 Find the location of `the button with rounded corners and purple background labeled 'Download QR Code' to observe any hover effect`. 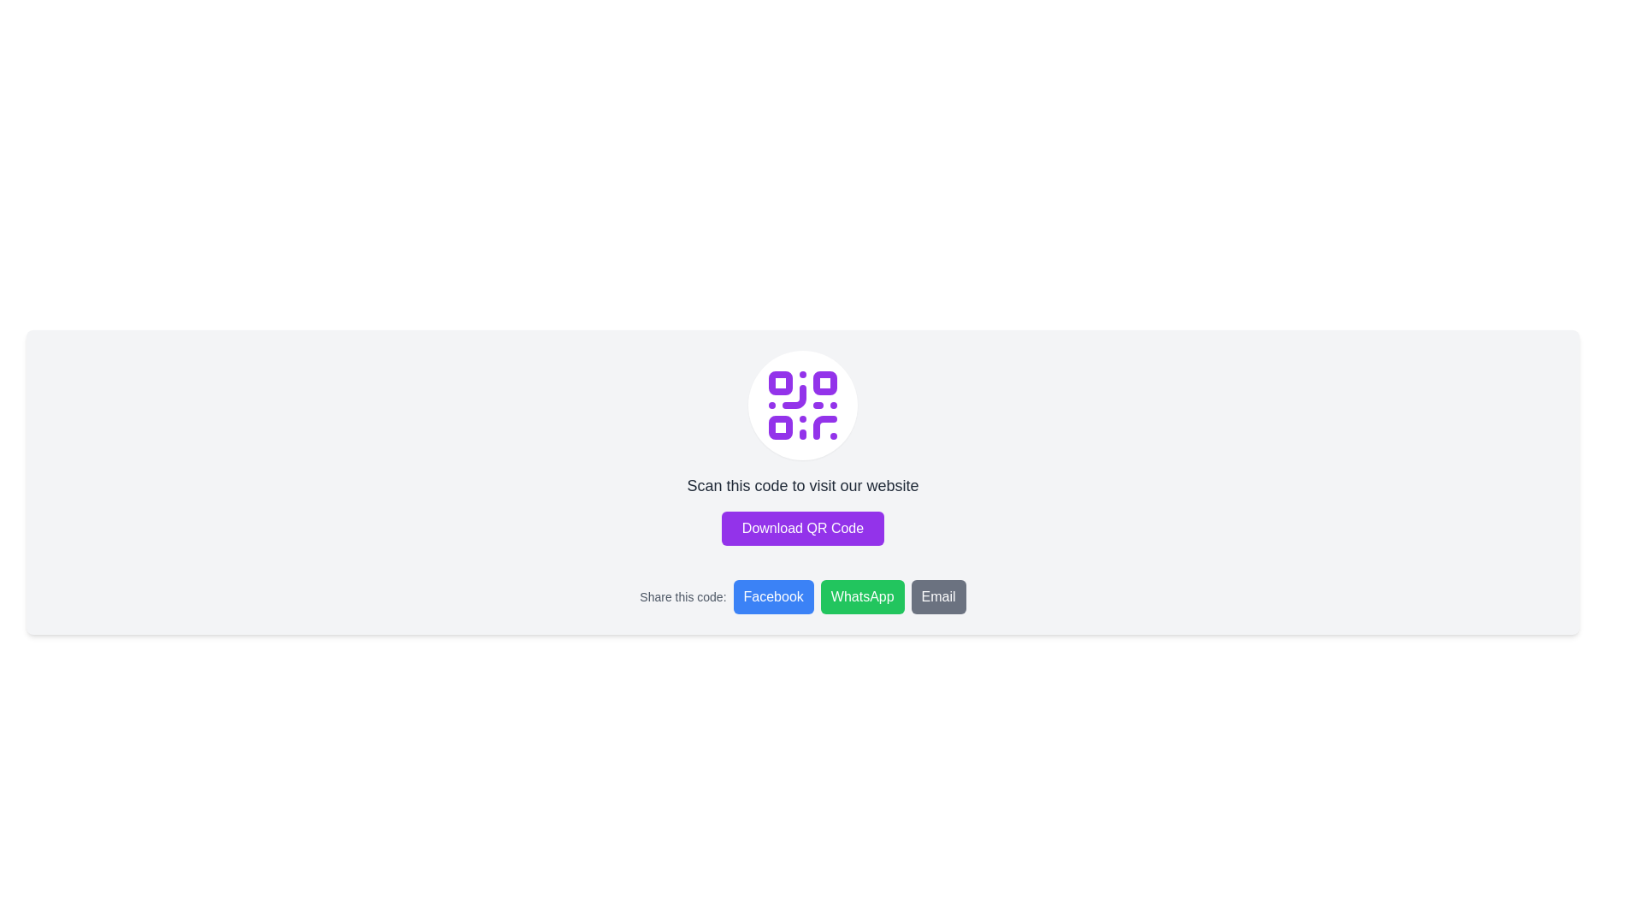

the button with rounded corners and purple background labeled 'Download QR Code' to observe any hover effect is located at coordinates (802, 527).